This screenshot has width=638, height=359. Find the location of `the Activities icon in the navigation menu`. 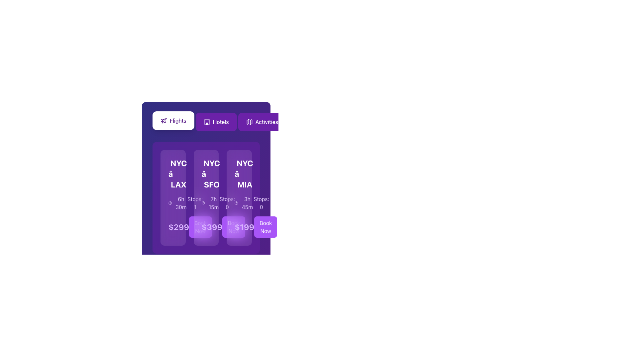

the Activities icon in the navigation menu is located at coordinates (249, 122).